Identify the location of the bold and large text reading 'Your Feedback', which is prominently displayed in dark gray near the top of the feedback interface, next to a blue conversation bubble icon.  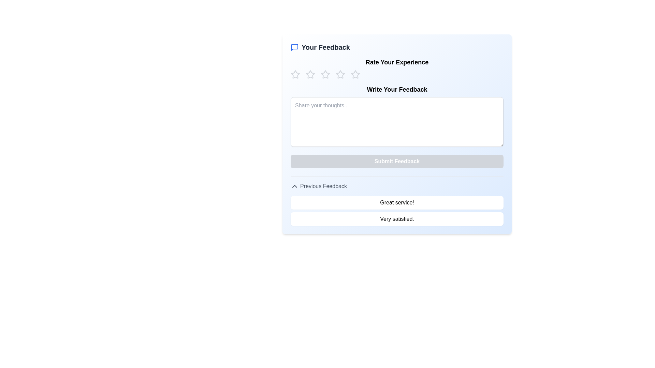
(325, 47).